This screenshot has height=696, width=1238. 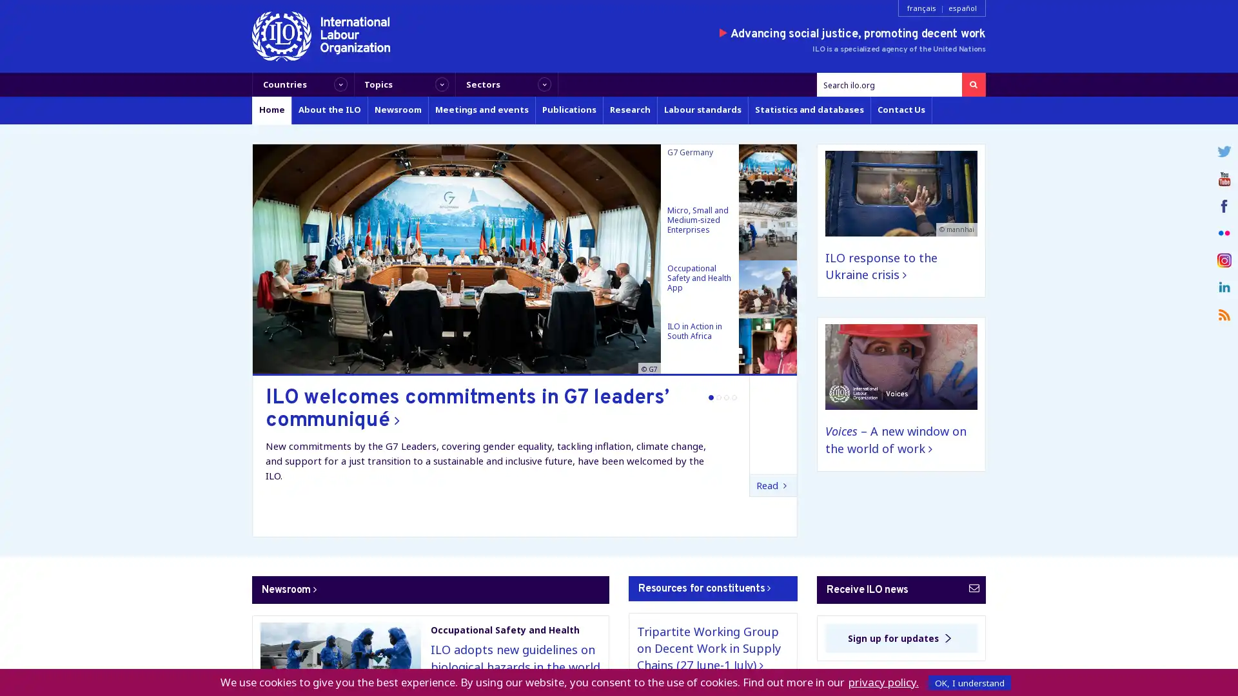 What do you see at coordinates (900, 638) in the screenshot?
I see `Sign up for updates` at bounding box center [900, 638].